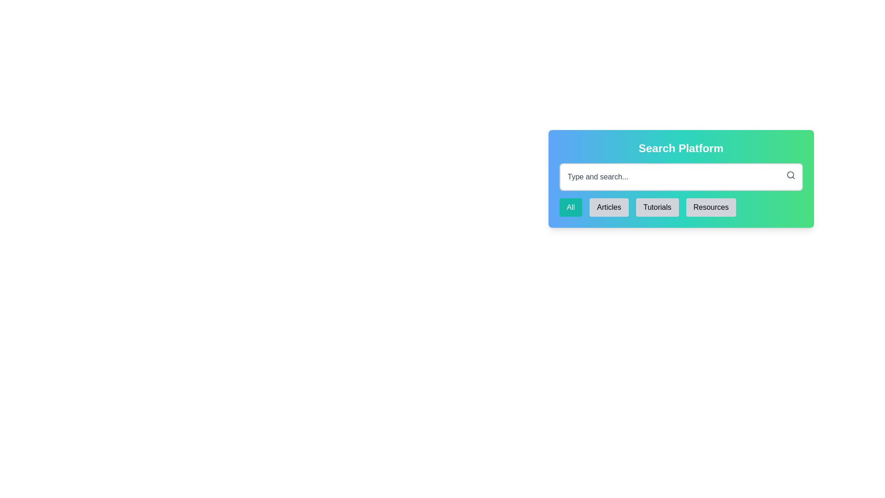  Describe the element at coordinates (790, 175) in the screenshot. I see `the magnifying glass icon located at the upper-right corner of the search bar, which includes the decorative lens element` at that location.